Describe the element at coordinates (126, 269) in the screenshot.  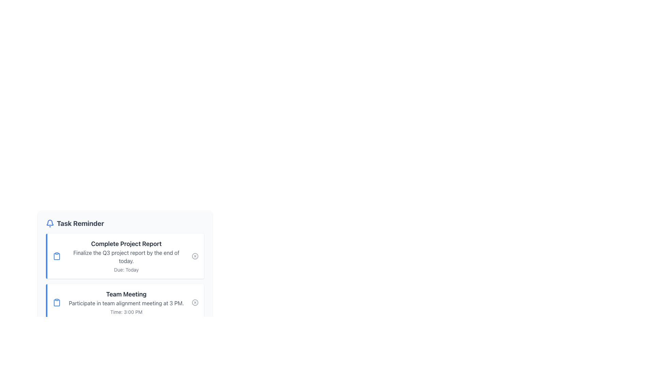
I see `text content of the gray text label displaying 'Due: Today', which is positioned centrally beneath the task description` at that location.